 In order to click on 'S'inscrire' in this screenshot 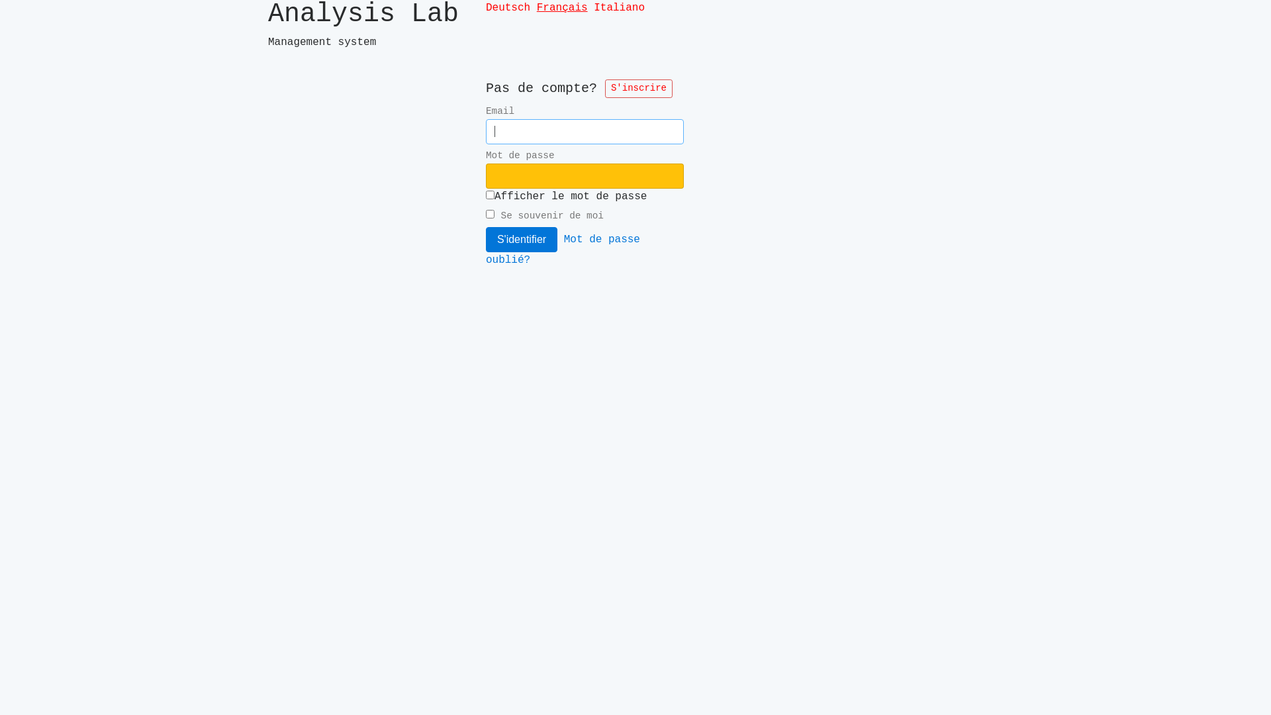, I will do `click(638, 89)`.